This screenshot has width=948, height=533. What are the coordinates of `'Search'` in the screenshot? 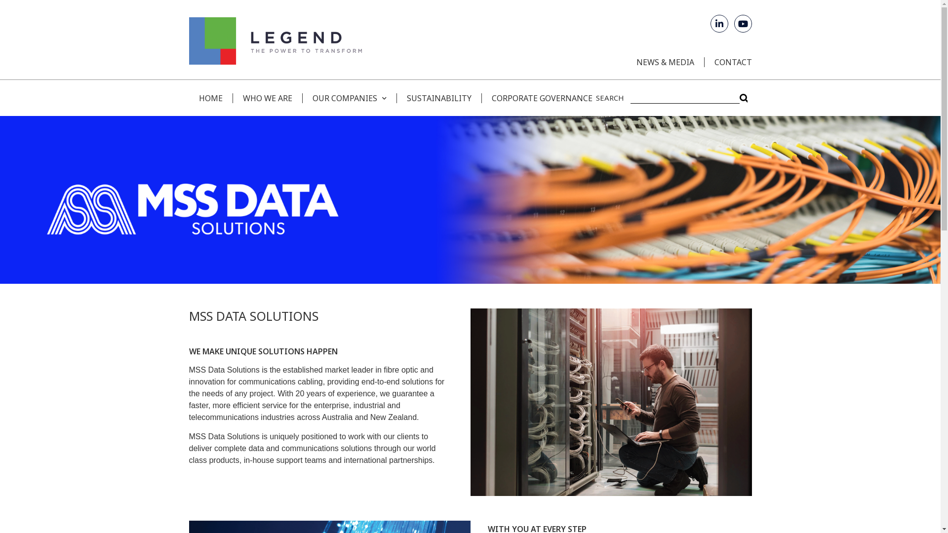 It's located at (744, 98).